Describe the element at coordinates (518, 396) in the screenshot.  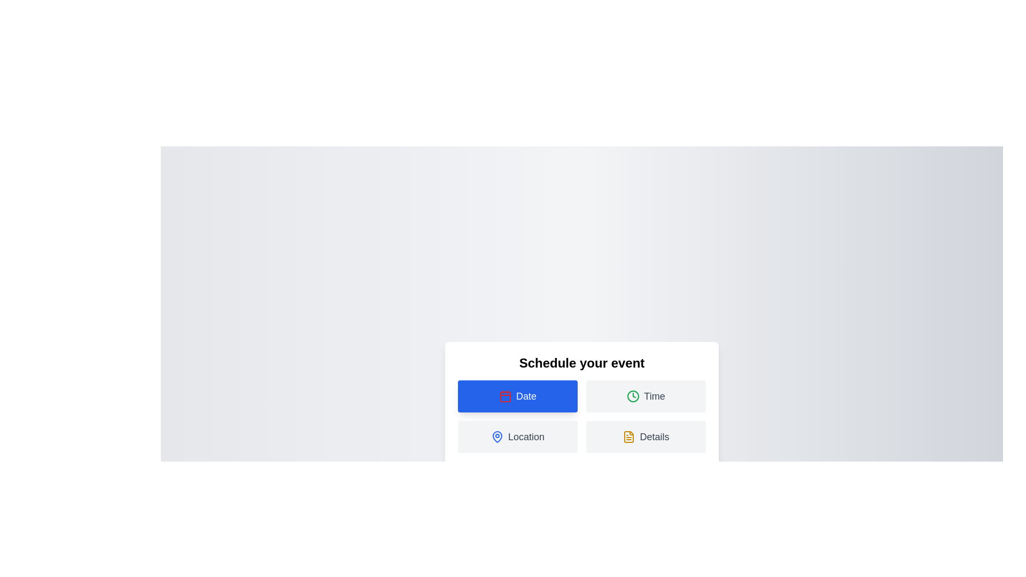
I see `the blue rectangular button labeled 'Date' with a red calendar icon` at that location.